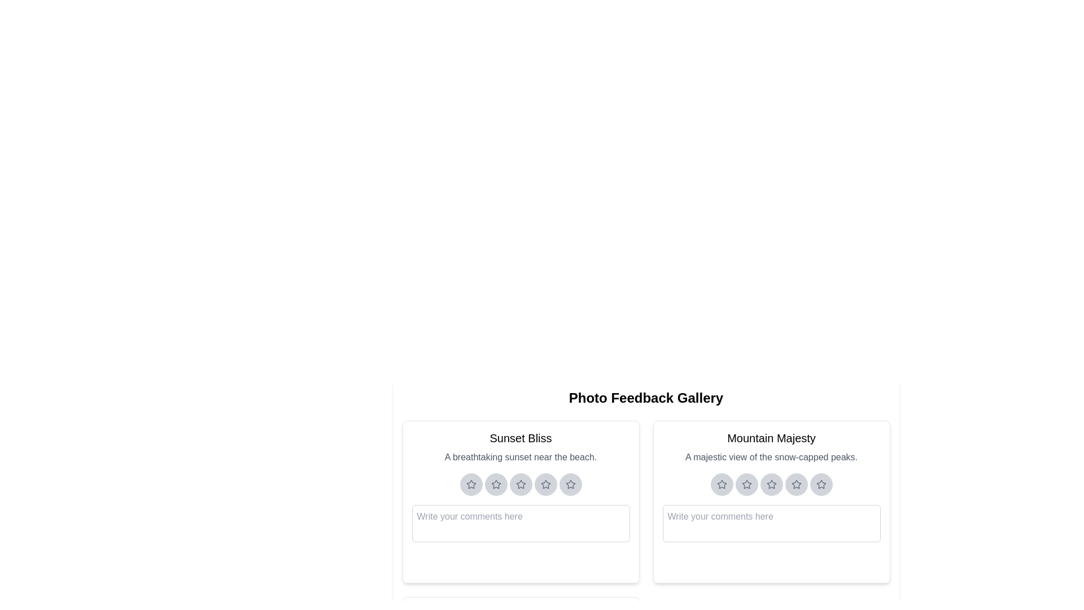 The image size is (1084, 610). I want to click on the third star icon in the rating system located under the 'Sunset Bliss' heading card, so click(520, 483).